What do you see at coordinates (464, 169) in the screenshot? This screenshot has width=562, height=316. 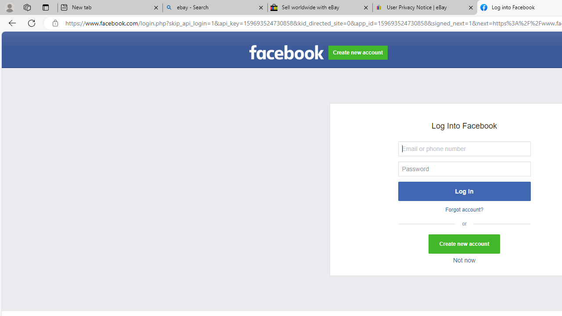 I see `'Password'` at bounding box center [464, 169].